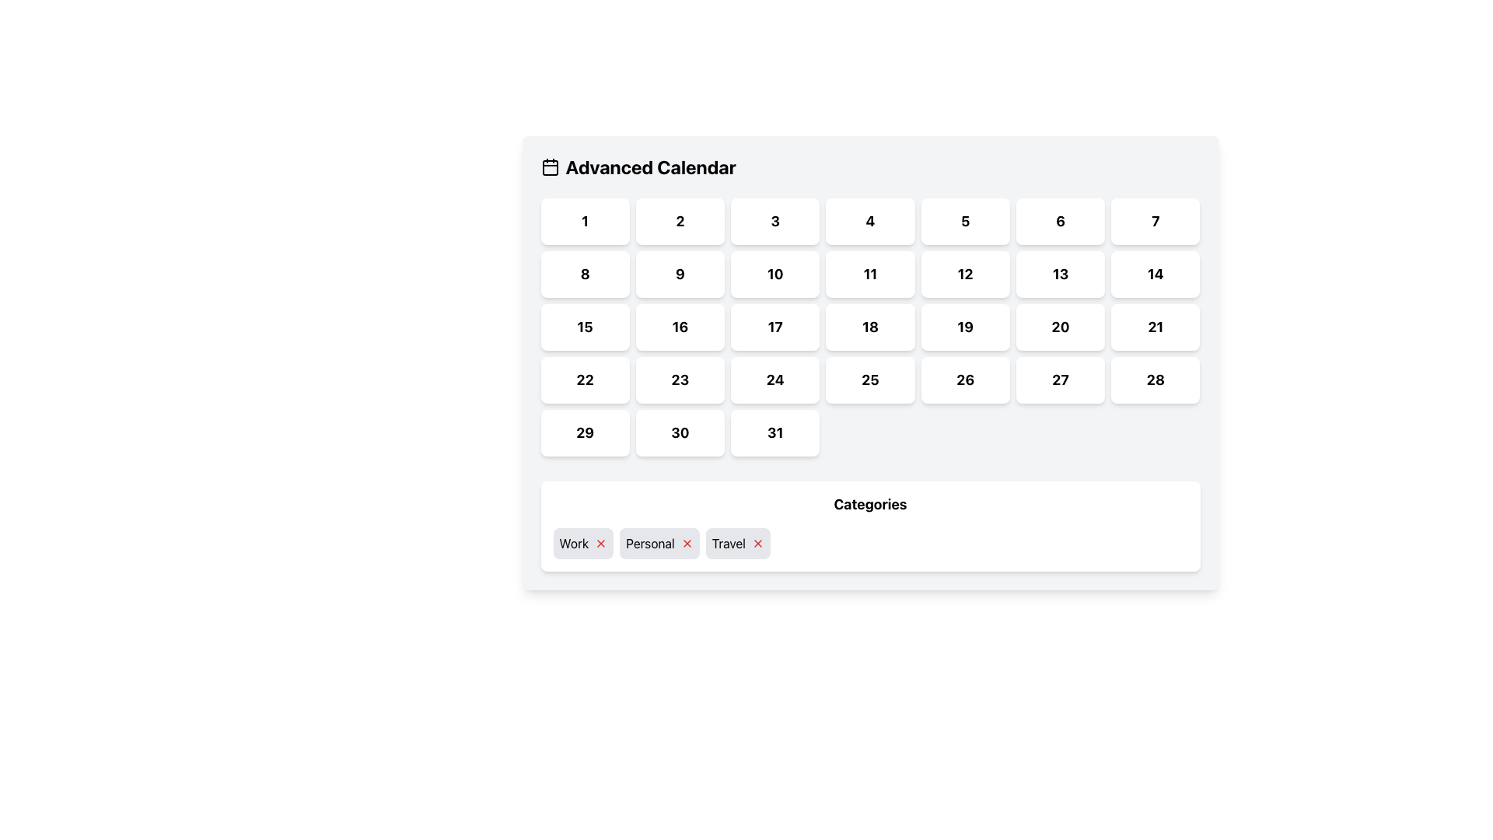 This screenshot has width=1493, height=840. What do you see at coordinates (650, 542) in the screenshot?
I see `the category label for 'Personal', which is the second label in a horizontal set of three categories located beneath the calendar days` at bounding box center [650, 542].